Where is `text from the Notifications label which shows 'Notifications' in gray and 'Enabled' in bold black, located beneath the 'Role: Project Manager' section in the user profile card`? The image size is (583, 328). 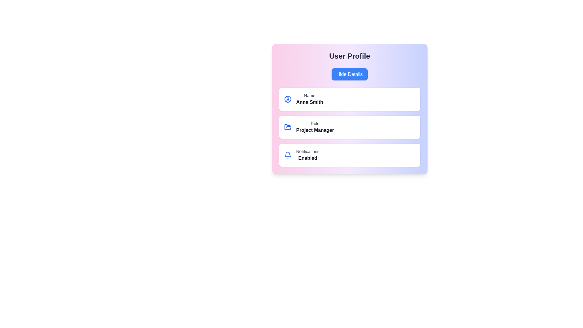
text from the Notifications label which shows 'Notifications' in gray and 'Enabled' in bold black, located beneath the 'Role: Project Manager' section in the user profile card is located at coordinates (308, 155).